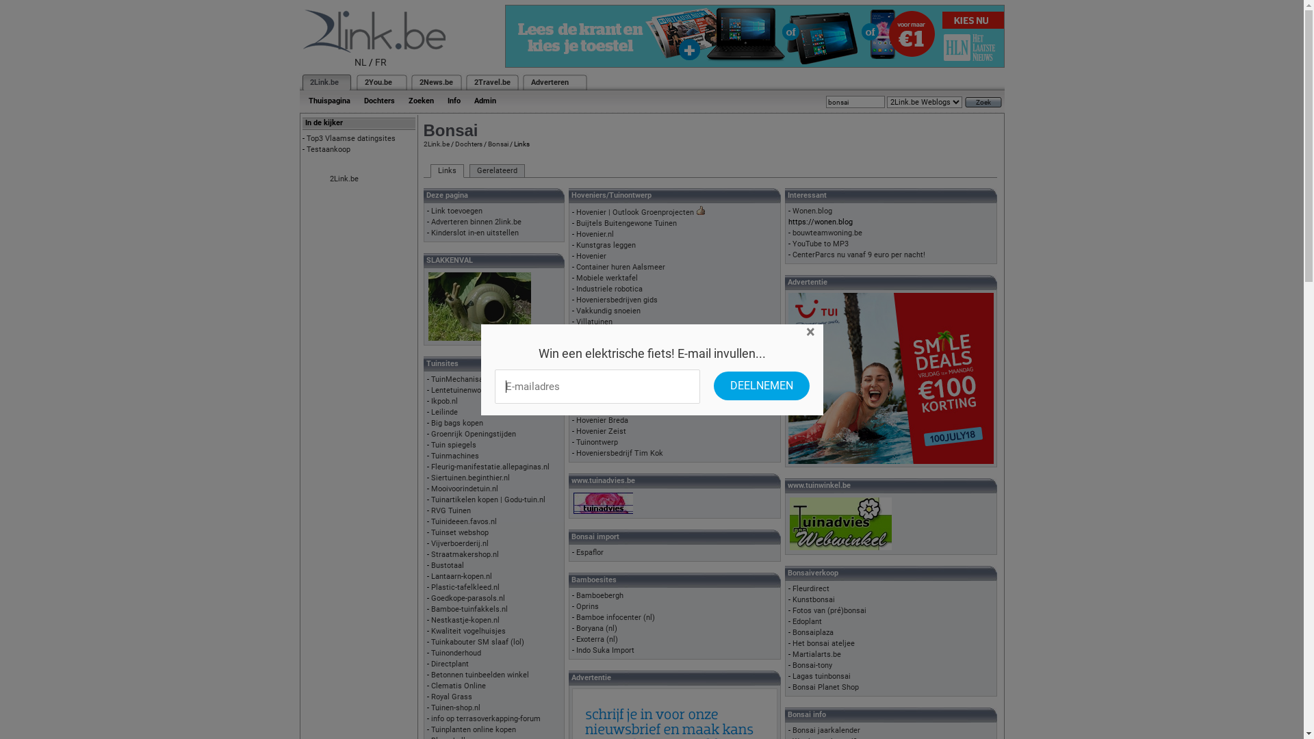  I want to click on 'Martialarts.be', so click(816, 653).